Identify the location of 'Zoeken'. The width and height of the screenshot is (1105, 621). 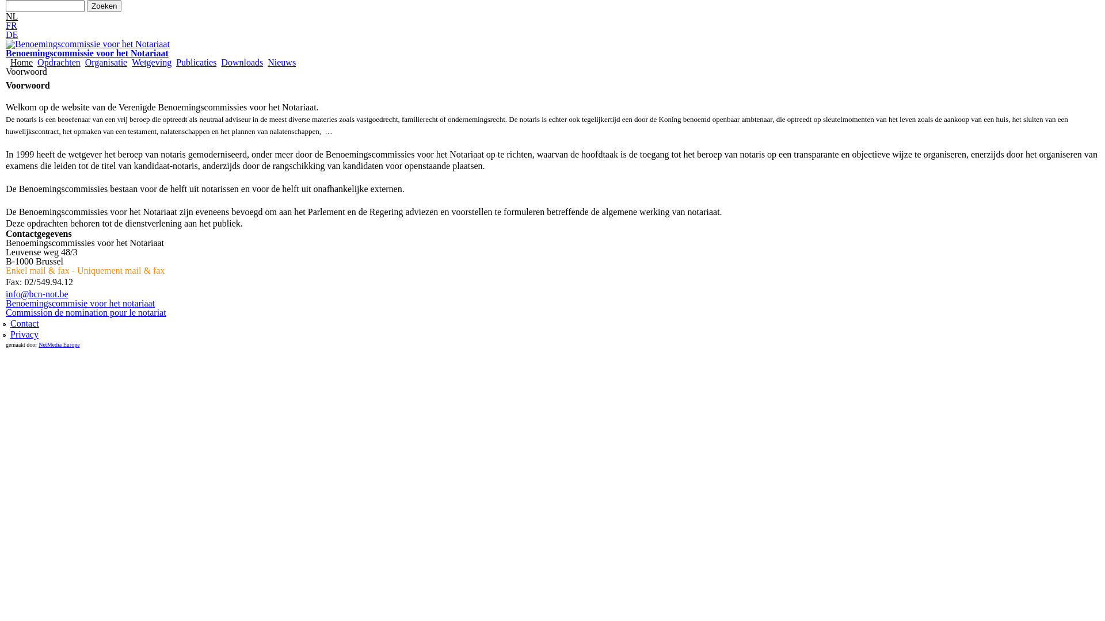
(104, 6).